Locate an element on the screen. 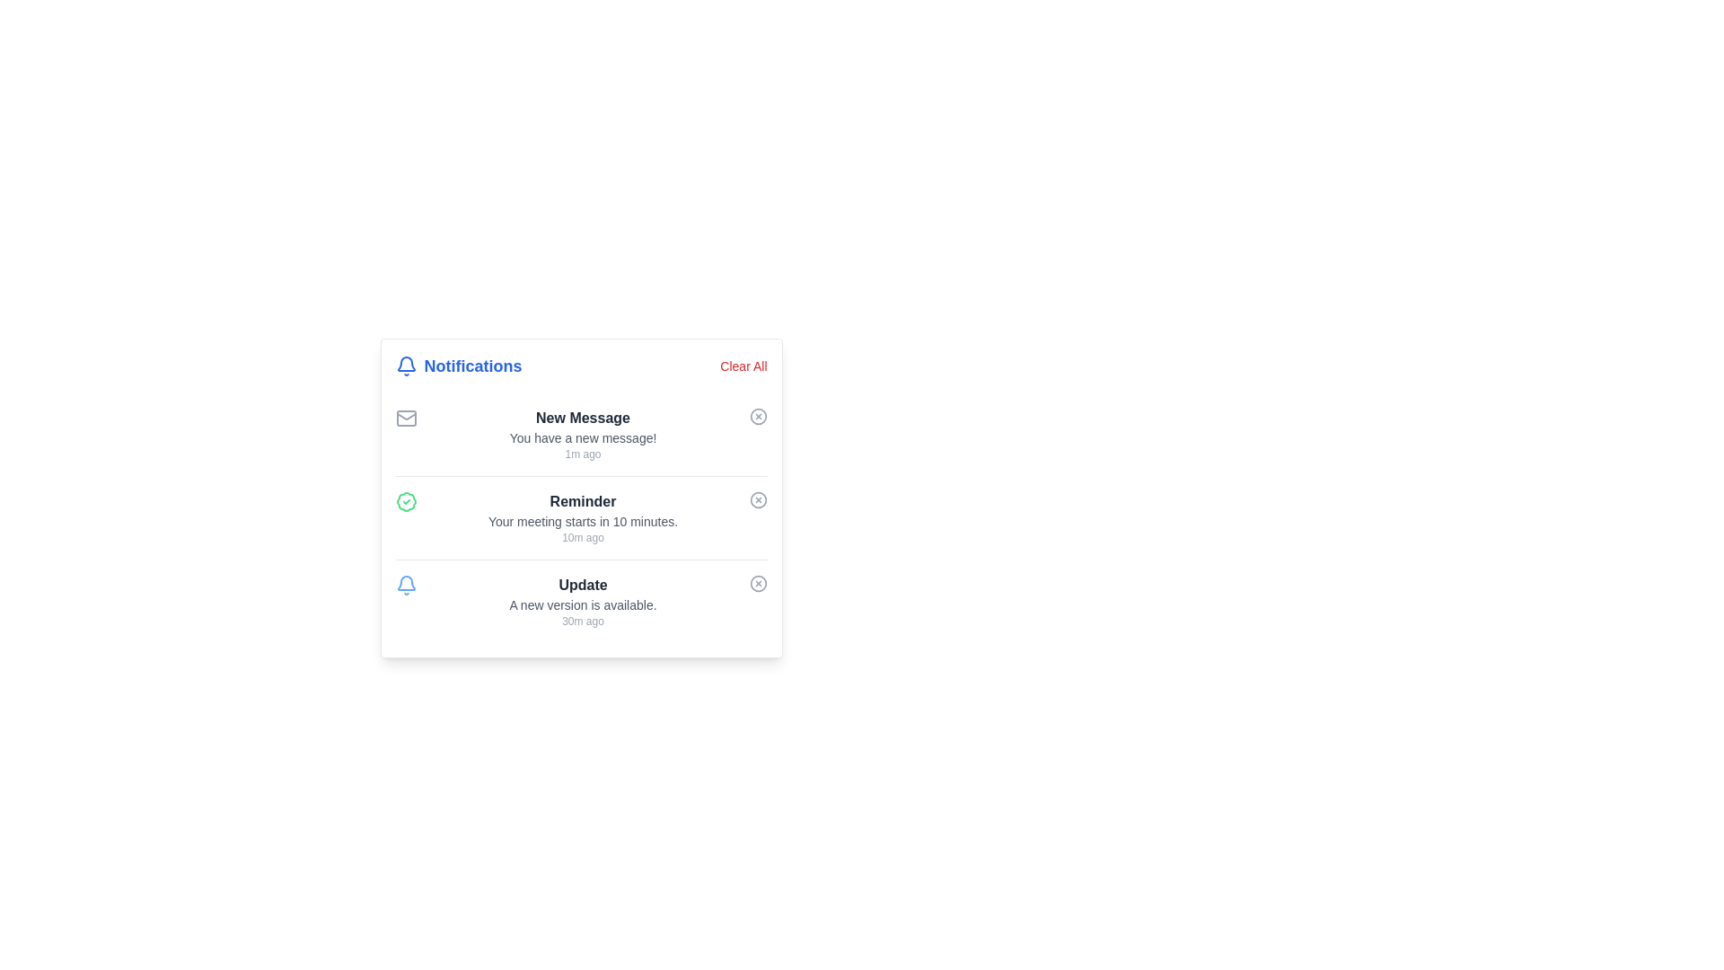 Image resolution: width=1724 pixels, height=970 pixels. the close button located in the top-right corner of the 'New Message' notification is located at coordinates (758, 416).